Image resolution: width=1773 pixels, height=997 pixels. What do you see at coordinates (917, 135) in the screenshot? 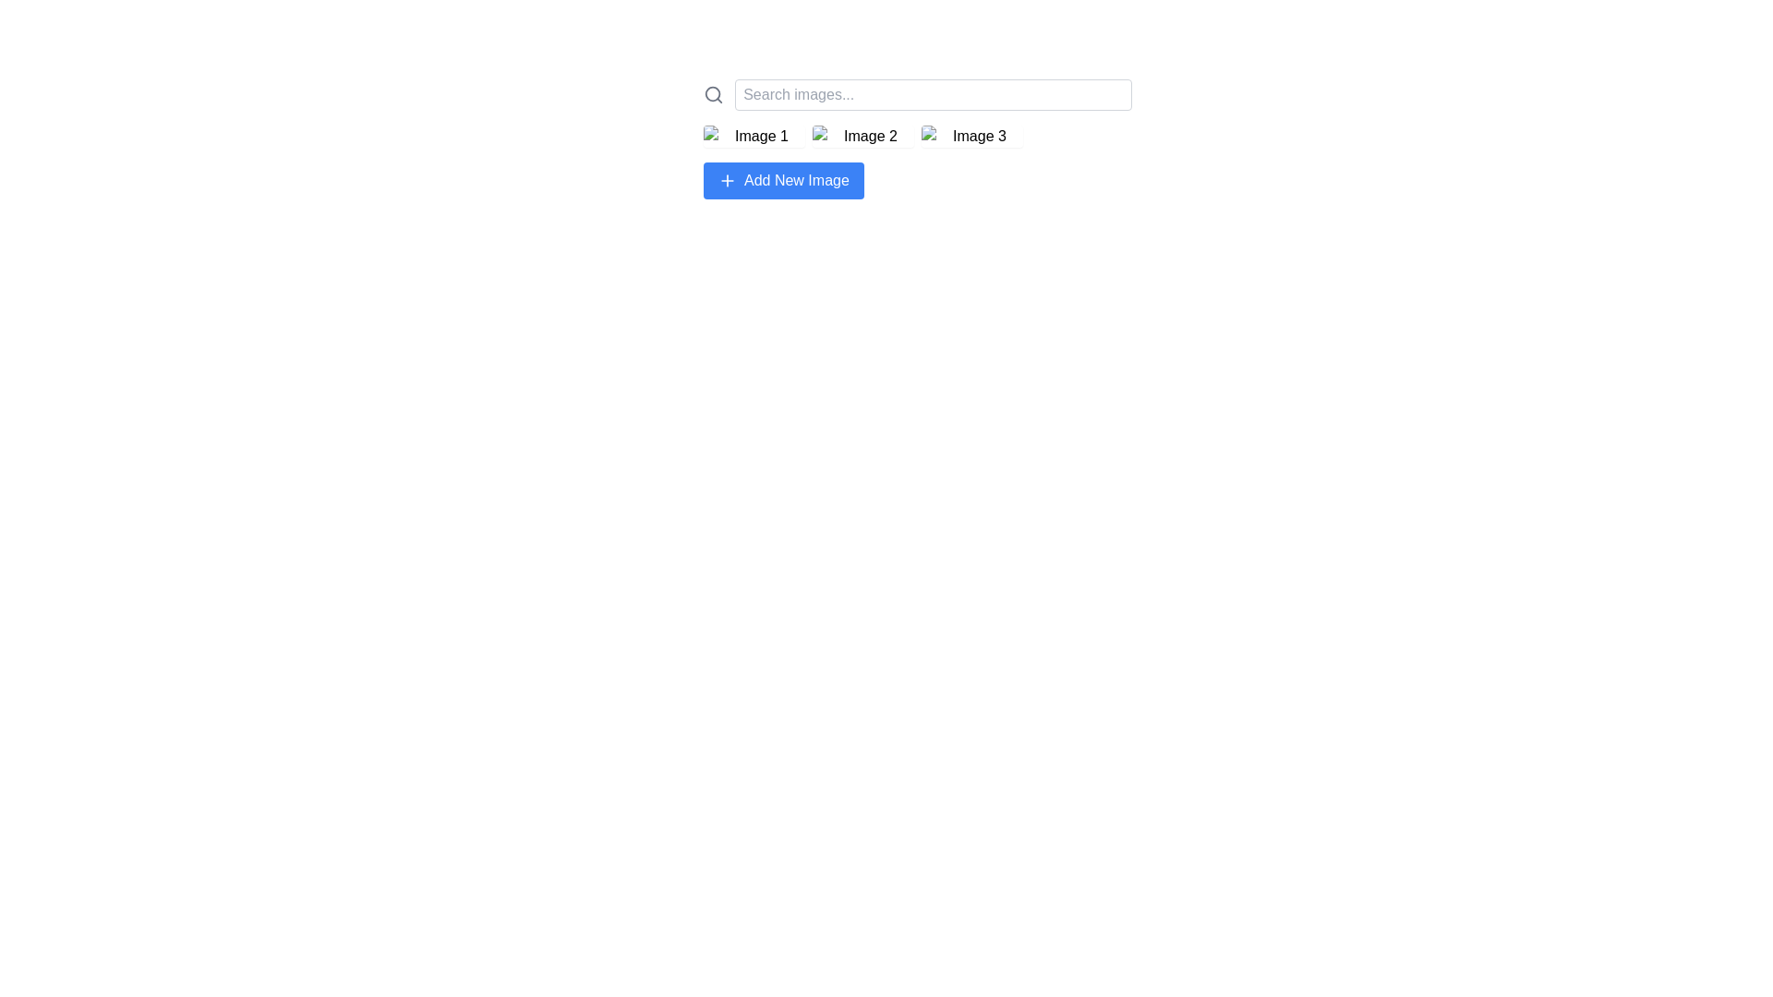
I see `the Grid Layout containing sections labeled 'Image 1', 'Image 2', and 'Image 3'` at bounding box center [917, 135].